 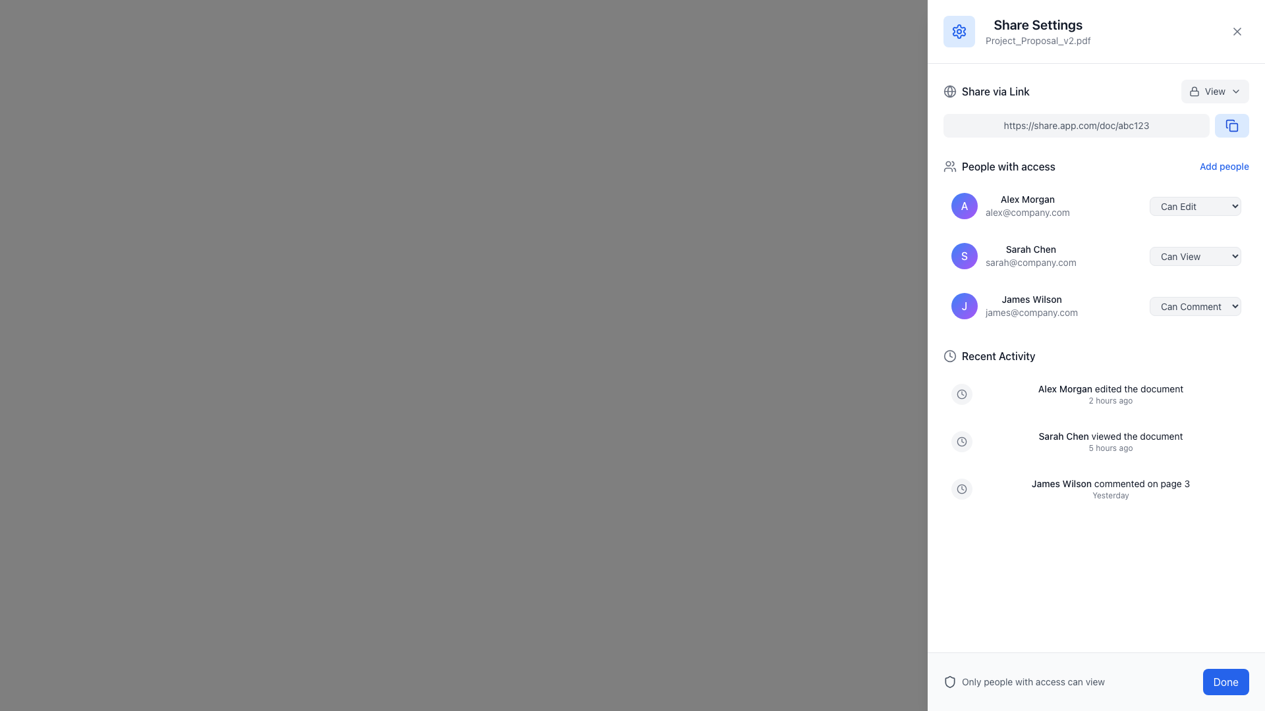 I want to click on title 'Share Settings' and the subtitle 'Project_Proposal_v2.pdf' from the heading with an associated gear icon located at the top-left section of the panel, so click(x=1016, y=30).